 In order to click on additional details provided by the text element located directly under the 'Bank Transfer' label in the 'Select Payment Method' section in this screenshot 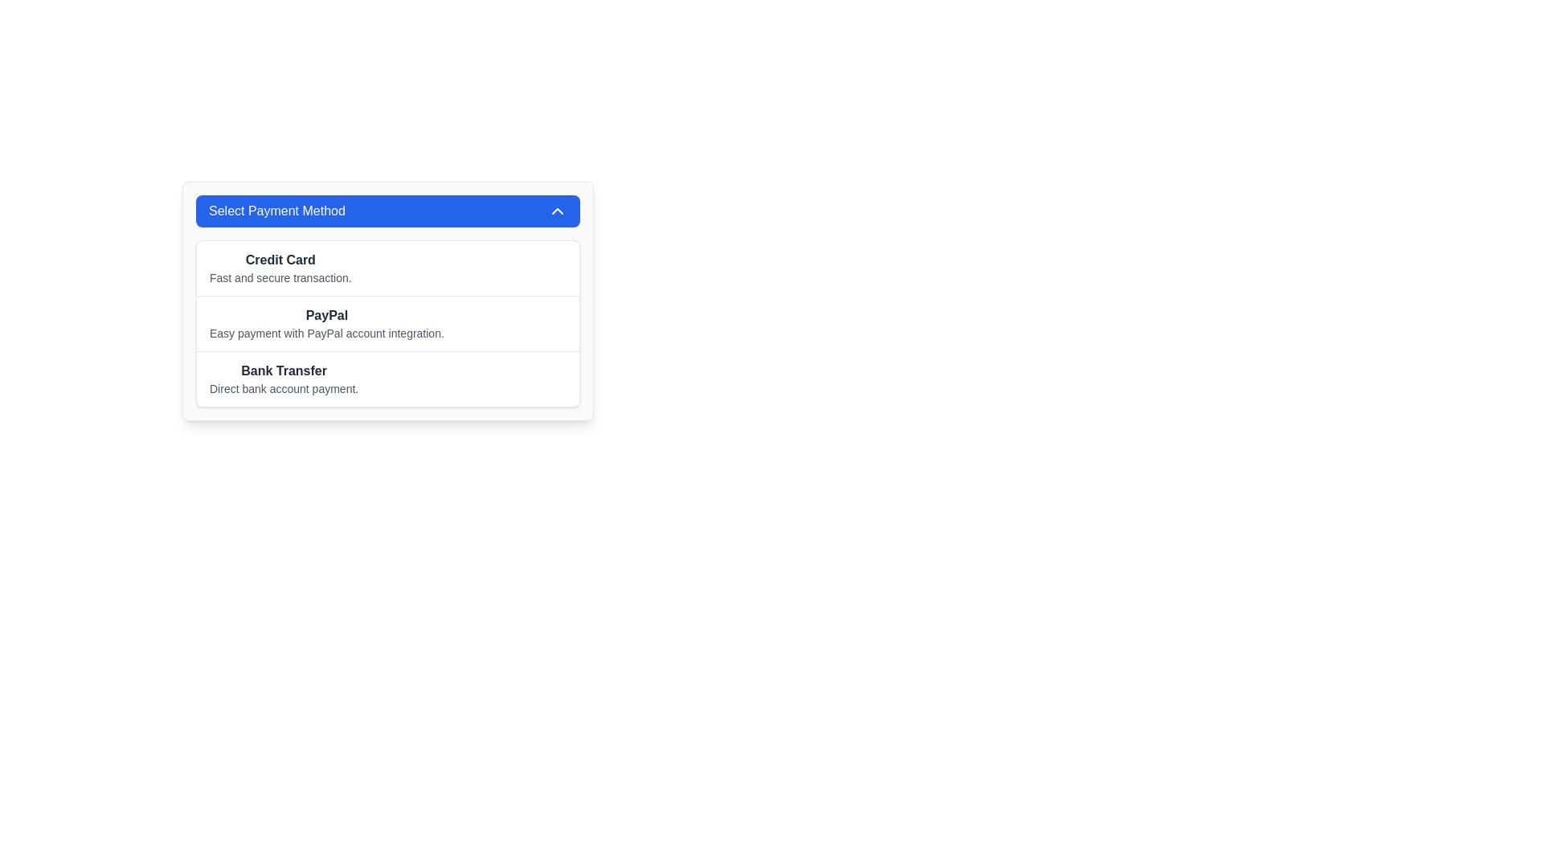, I will do `click(284, 388)`.